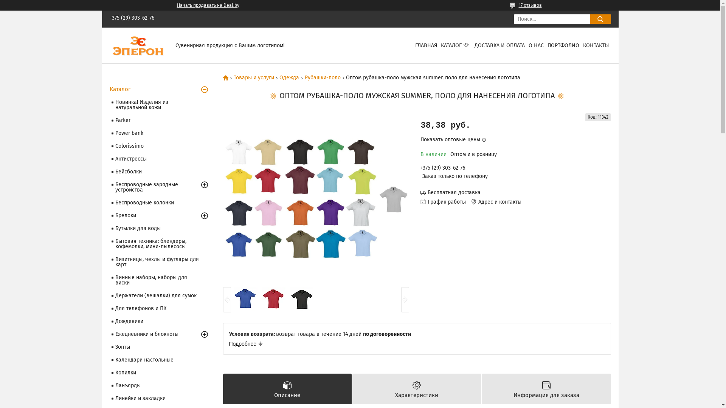  I want to click on 'Parker', so click(160, 120).